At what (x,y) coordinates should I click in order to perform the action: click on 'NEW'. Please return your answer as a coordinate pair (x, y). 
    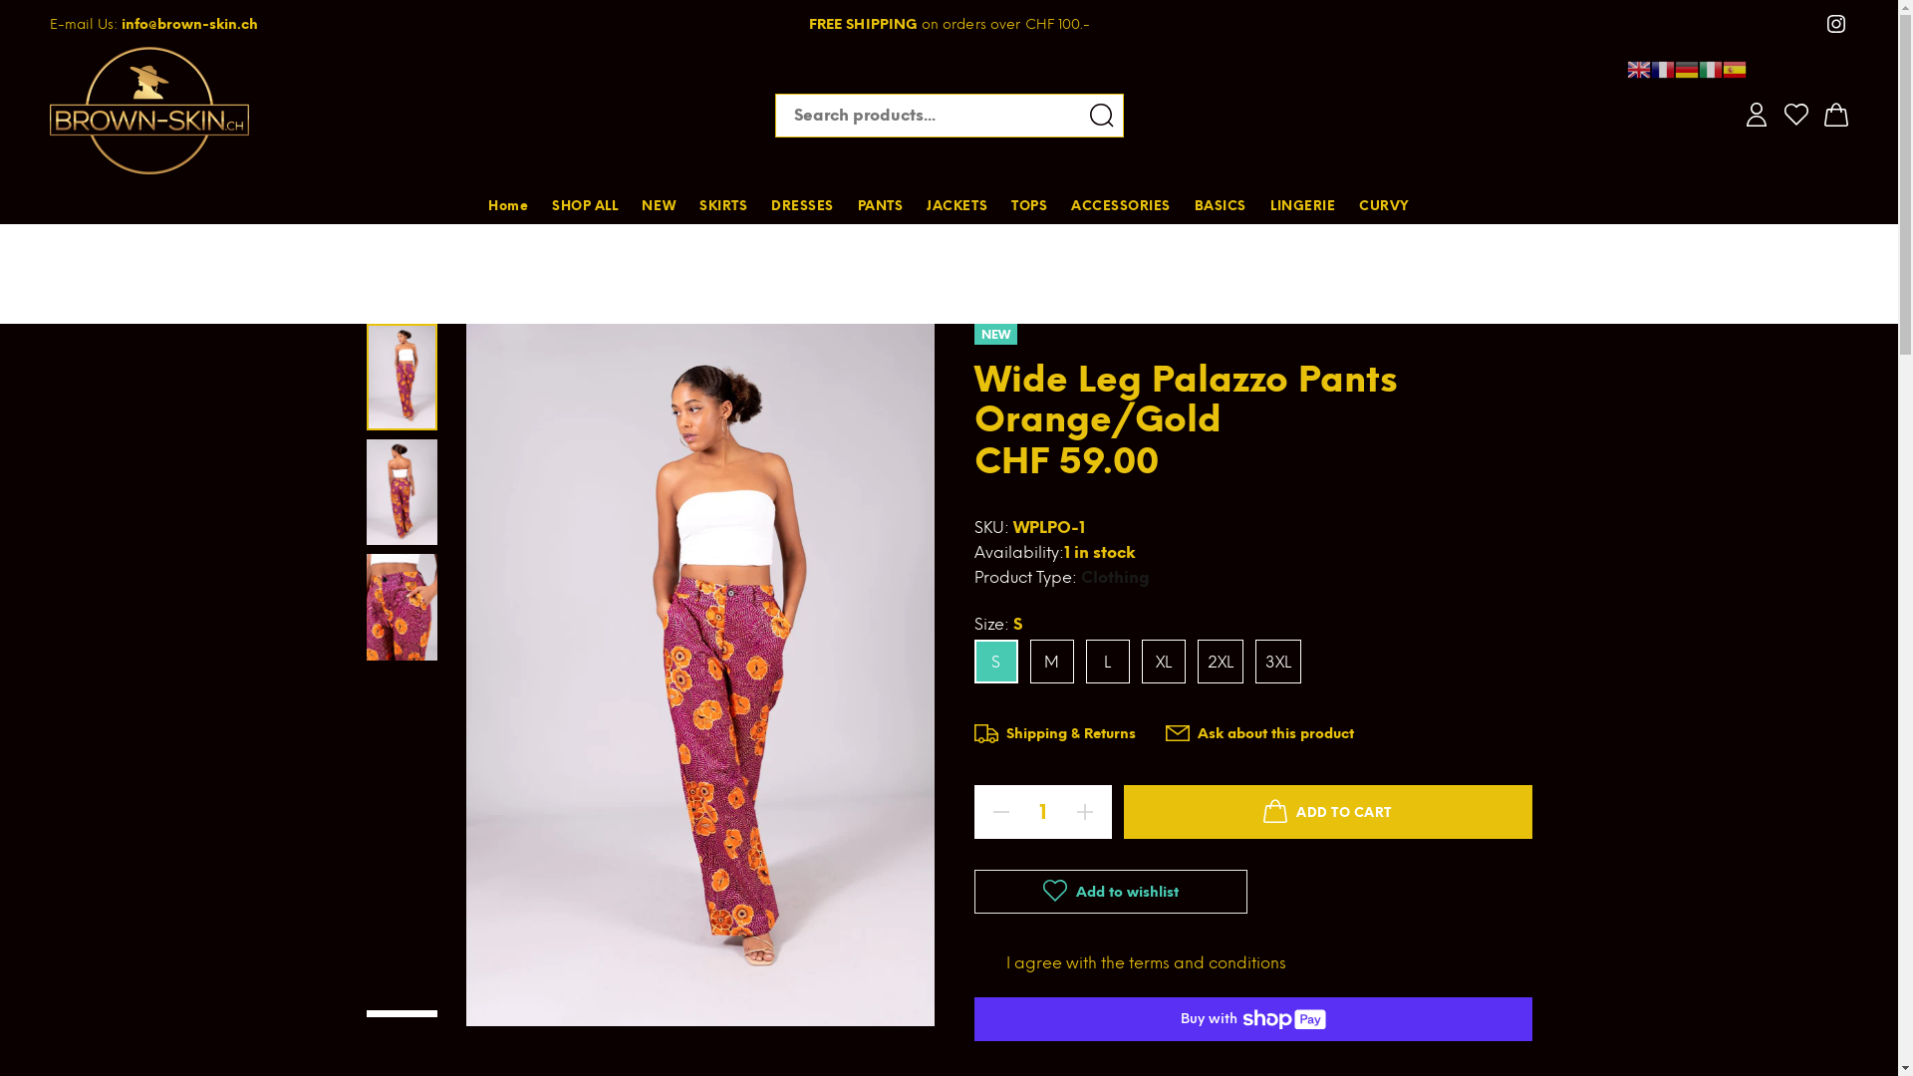
    Looking at the image, I should click on (659, 204).